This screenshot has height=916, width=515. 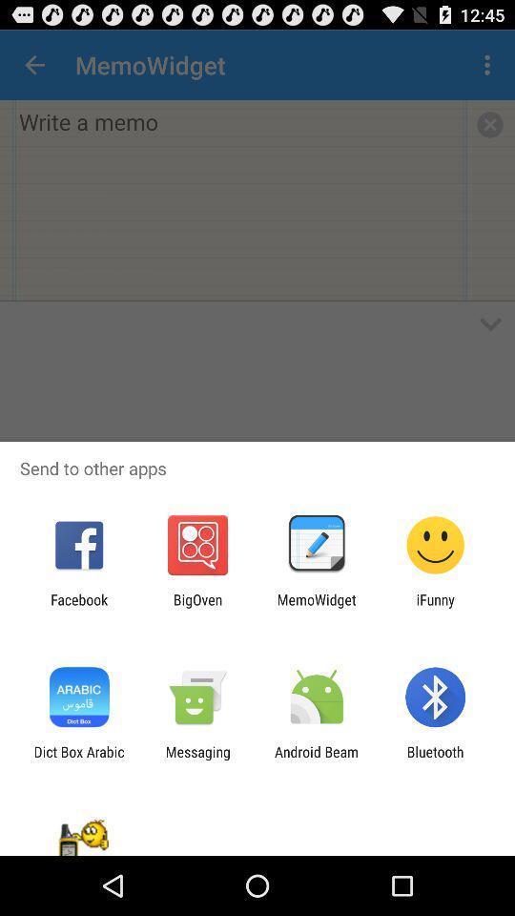 What do you see at coordinates (317, 760) in the screenshot?
I see `the icon to the left of the bluetooth item` at bounding box center [317, 760].